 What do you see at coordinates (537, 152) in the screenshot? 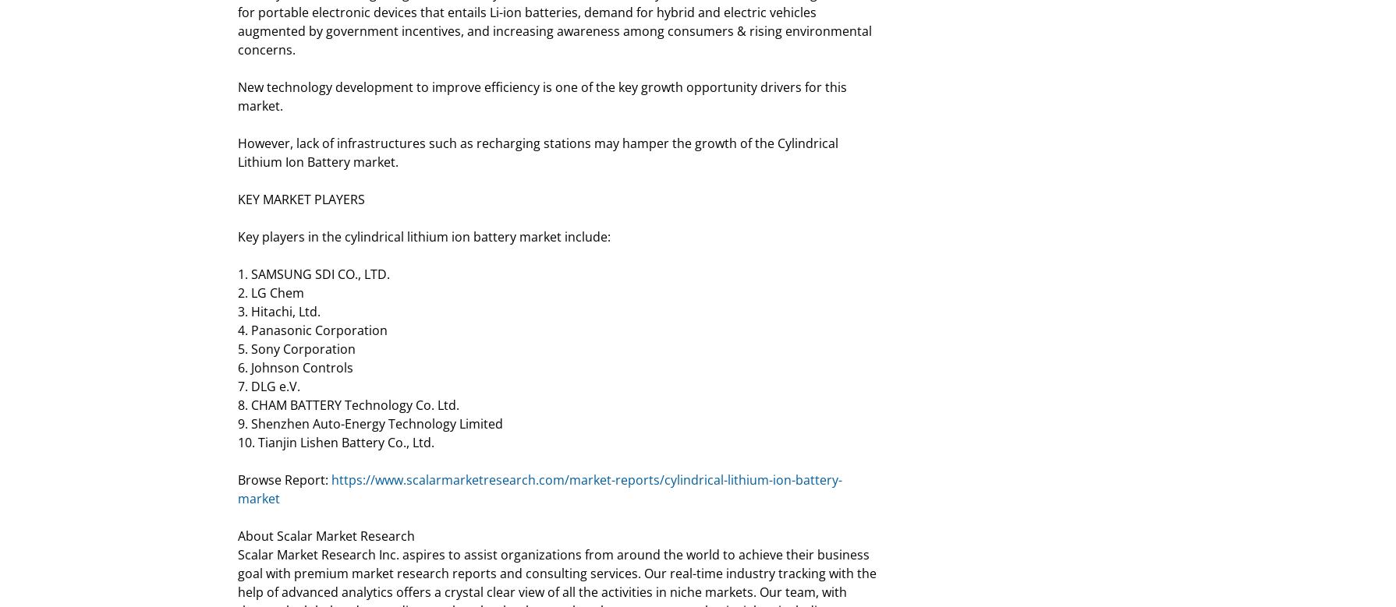
I see `'However, lack of infrastructures such as recharging stations may hamper the growth of the Cylindrical Lithium Ion Battery market.'` at bounding box center [537, 152].